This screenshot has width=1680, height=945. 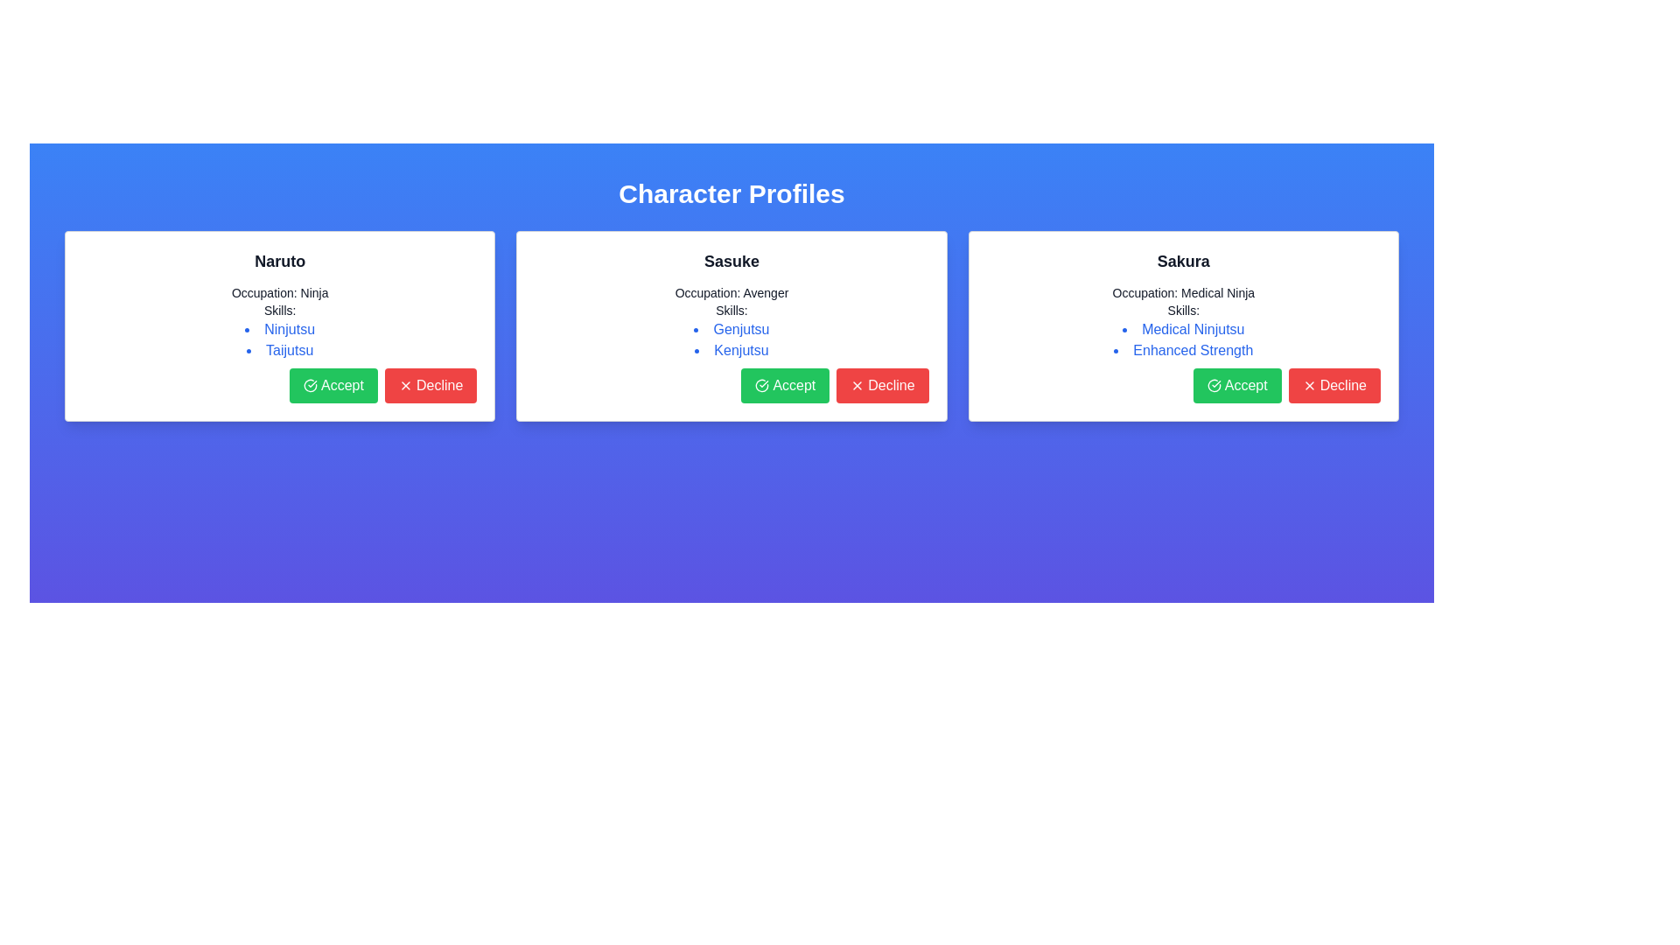 I want to click on text label that describes one of the skills associated with the 'Naruto' profile card, specifically the second item in the bulleted list under the 'Skills' section, which is located below 'Ninjutsu', so click(x=280, y=351).